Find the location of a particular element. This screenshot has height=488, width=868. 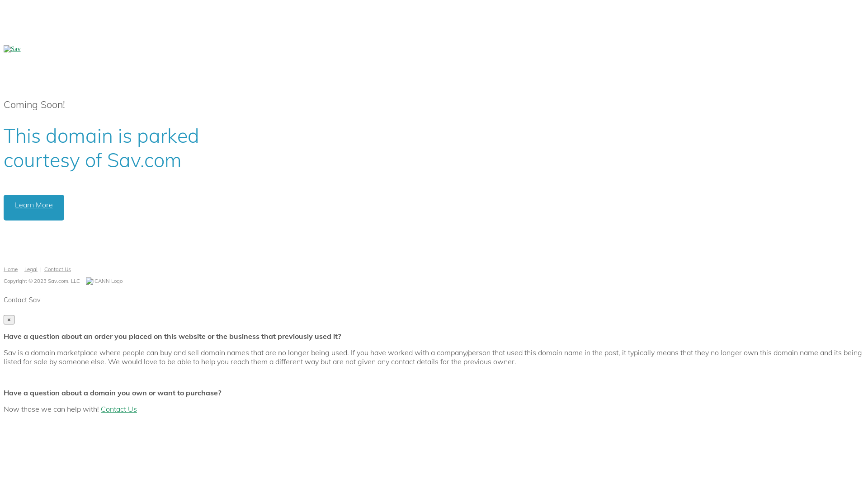

'Contact Us' is located at coordinates (57, 268).